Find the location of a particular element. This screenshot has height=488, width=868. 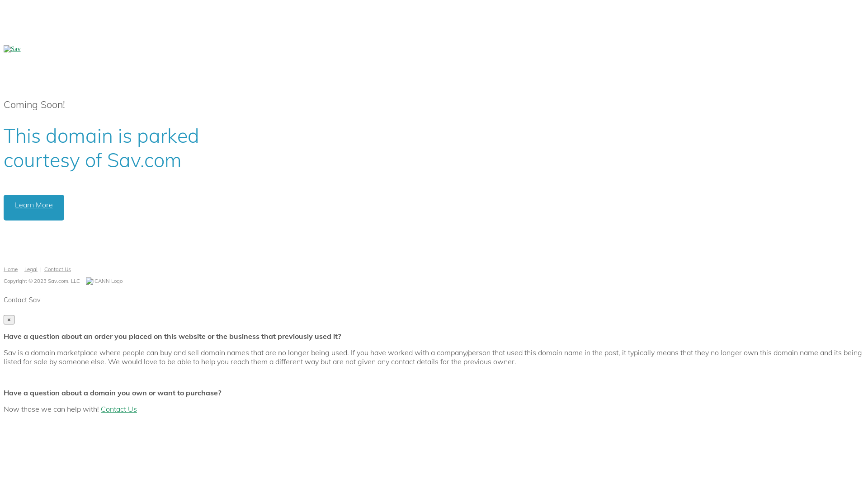

'Contact Us' is located at coordinates (57, 268).